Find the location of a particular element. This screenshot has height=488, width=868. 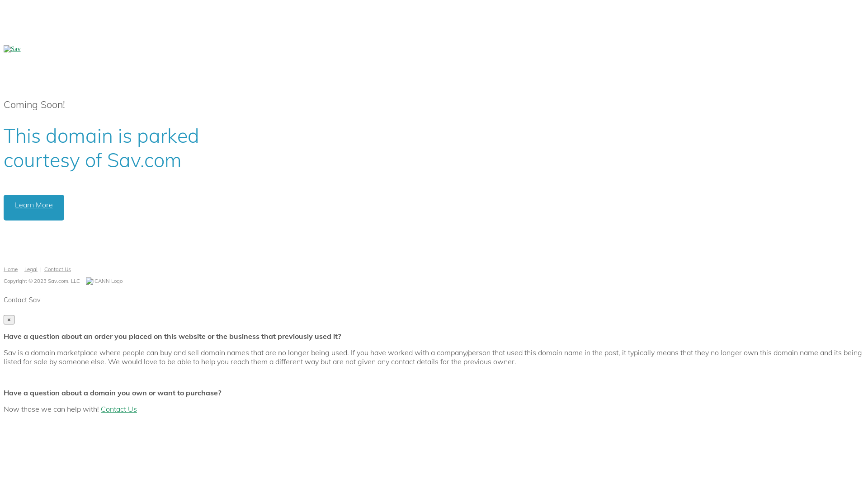

'Contact Us' is located at coordinates (57, 268).